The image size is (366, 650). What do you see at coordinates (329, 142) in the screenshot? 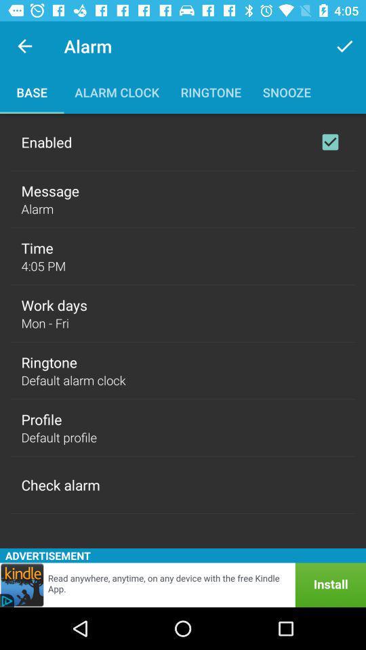
I see `enable option` at bounding box center [329, 142].